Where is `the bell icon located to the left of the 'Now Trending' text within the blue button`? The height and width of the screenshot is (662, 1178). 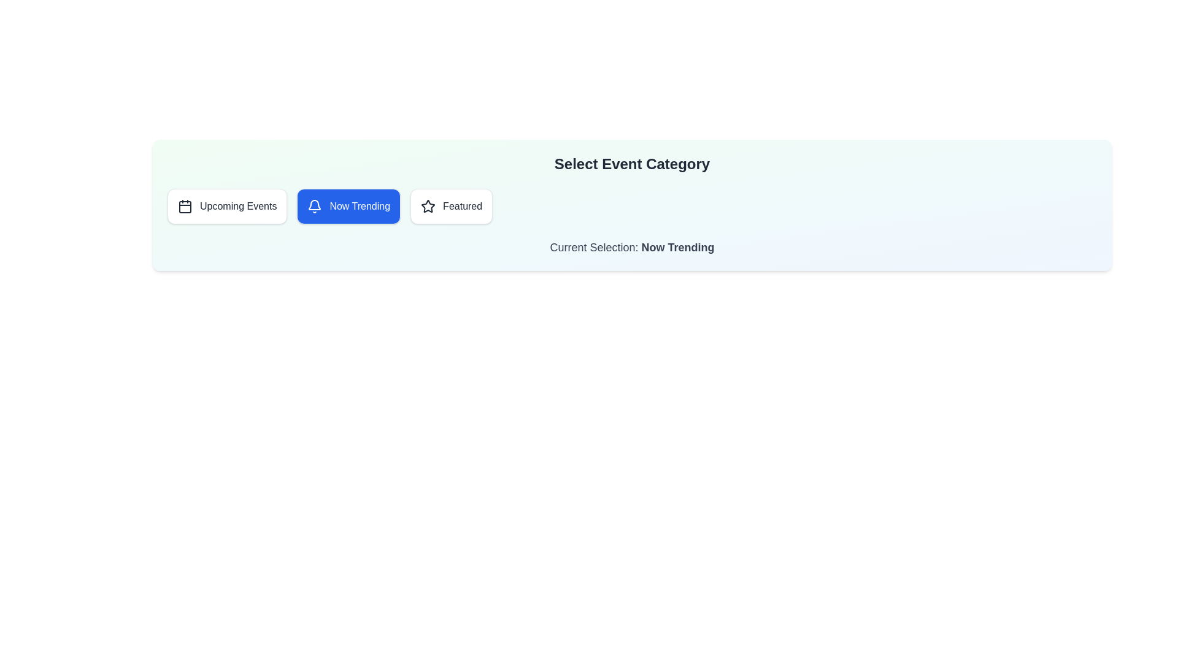
the bell icon located to the left of the 'Now Trending' text within the blue button is located at coordinates (315, 205).